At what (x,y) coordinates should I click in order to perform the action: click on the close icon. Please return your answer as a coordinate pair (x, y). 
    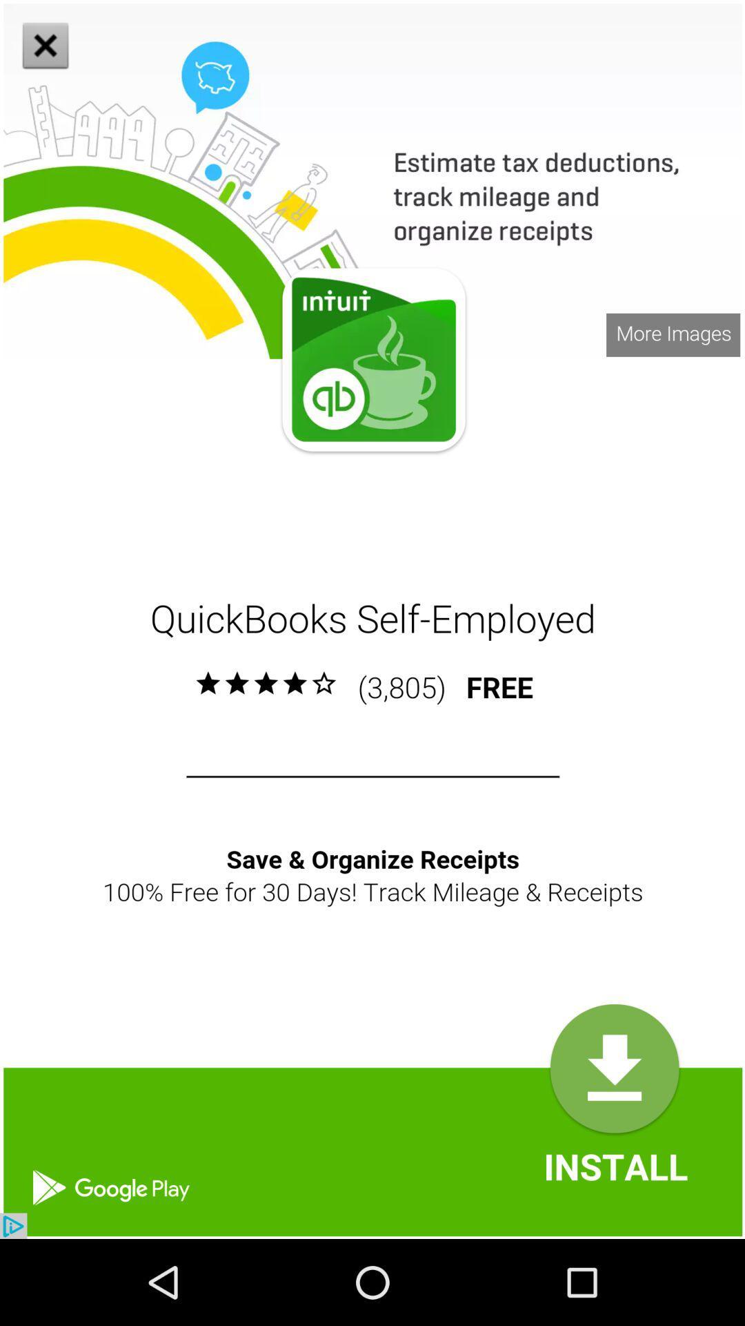
    Looking at the image, I should click on (44, 48).